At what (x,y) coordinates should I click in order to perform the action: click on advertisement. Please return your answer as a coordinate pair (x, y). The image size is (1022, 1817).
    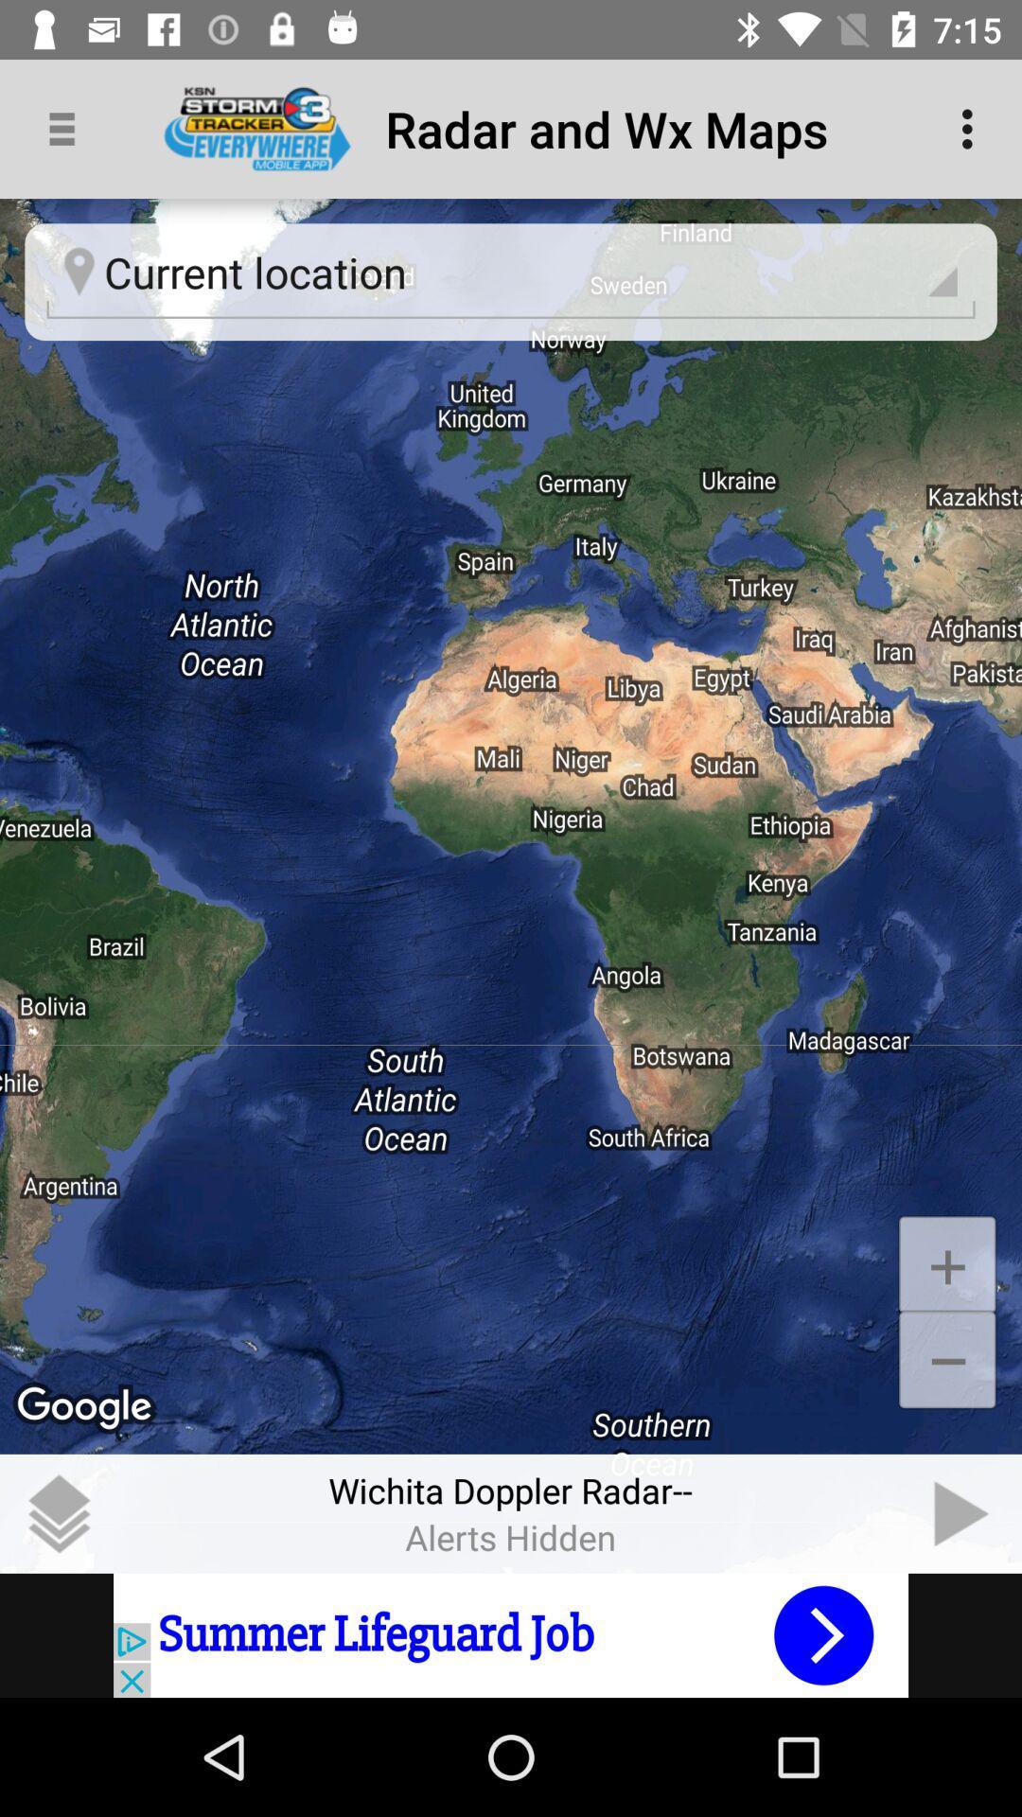
    Looking at the image, I should click on (511, 1634).